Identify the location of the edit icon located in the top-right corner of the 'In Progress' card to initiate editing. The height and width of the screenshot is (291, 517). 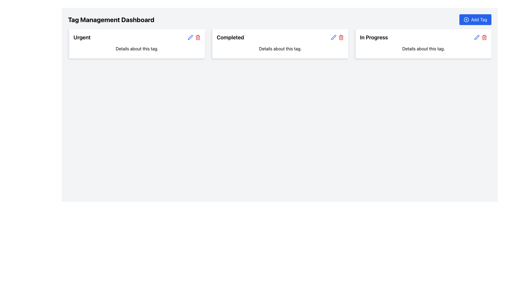
(477, 37).